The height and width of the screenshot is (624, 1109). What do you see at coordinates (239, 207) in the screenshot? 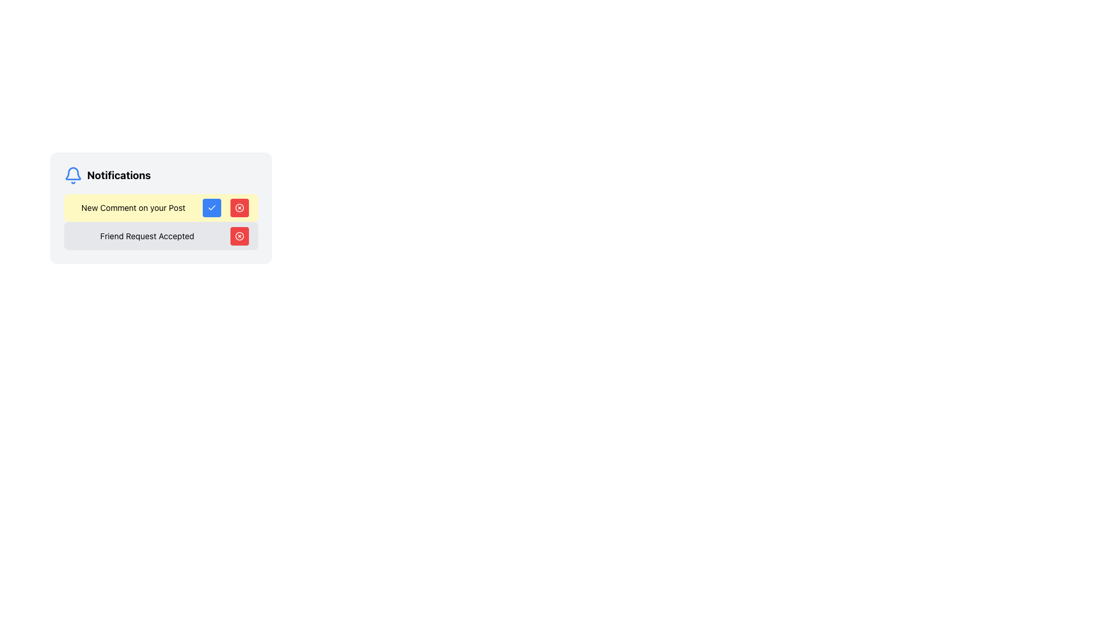
I see `the button located to the right of the 'Friend Request Accepted' text in the notification box` at bounding box center [239, 207].